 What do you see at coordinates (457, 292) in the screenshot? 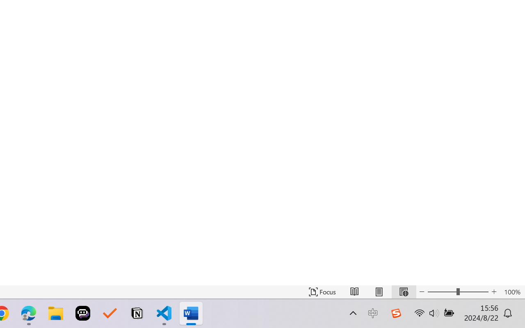
I see `'Zoom'` at bounding box center [457, 292].